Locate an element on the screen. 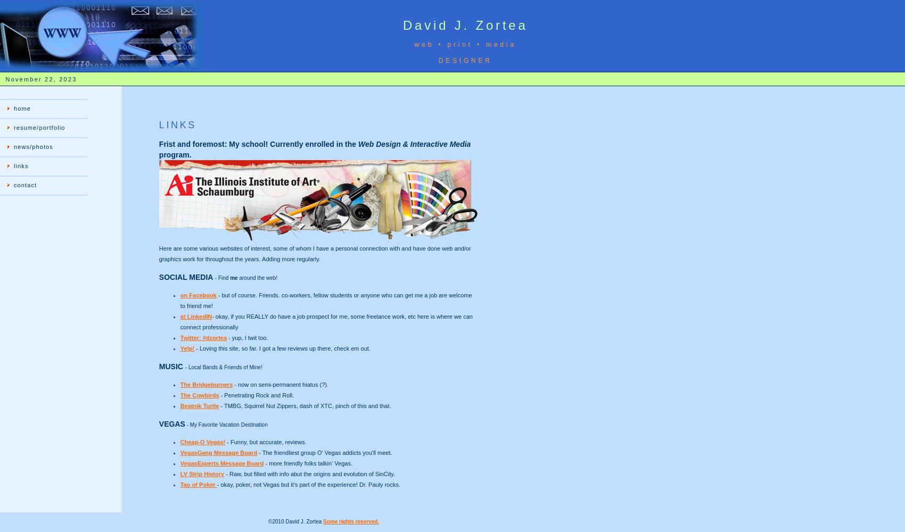 The image size is (905, 532). '- Penetrating Rock and Roll.' is located at coordinates (256, 395).